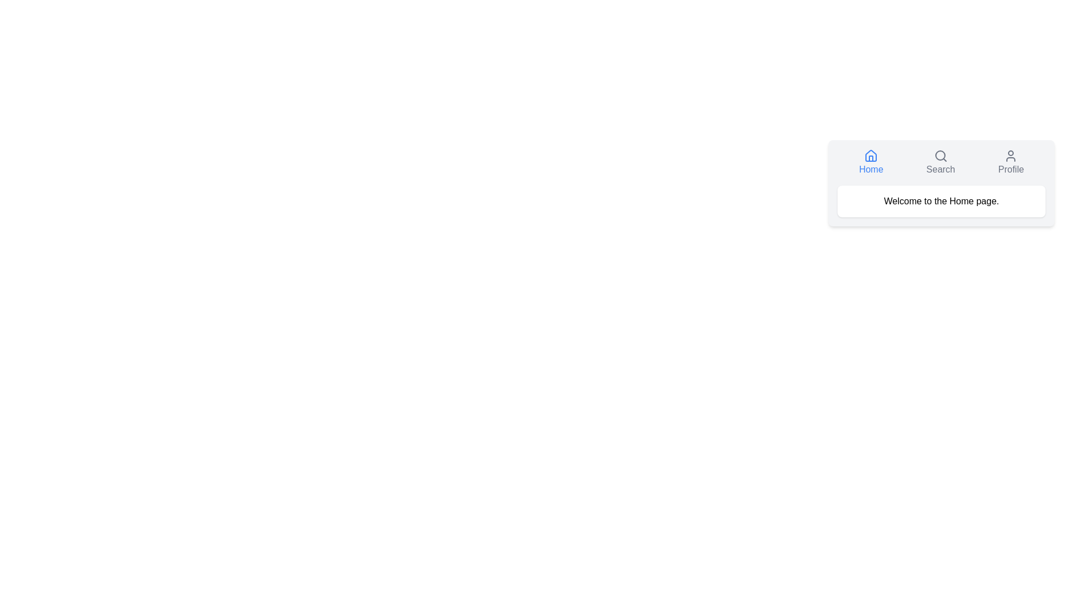 The image size is (1091, 613). What do you see at coordinates (1011, 162) in the screenshot?
I see `the 'Profile' button-like navigation link, which consists of a user icon and the text label 'Profile'` at bounding box center [1011, 162].